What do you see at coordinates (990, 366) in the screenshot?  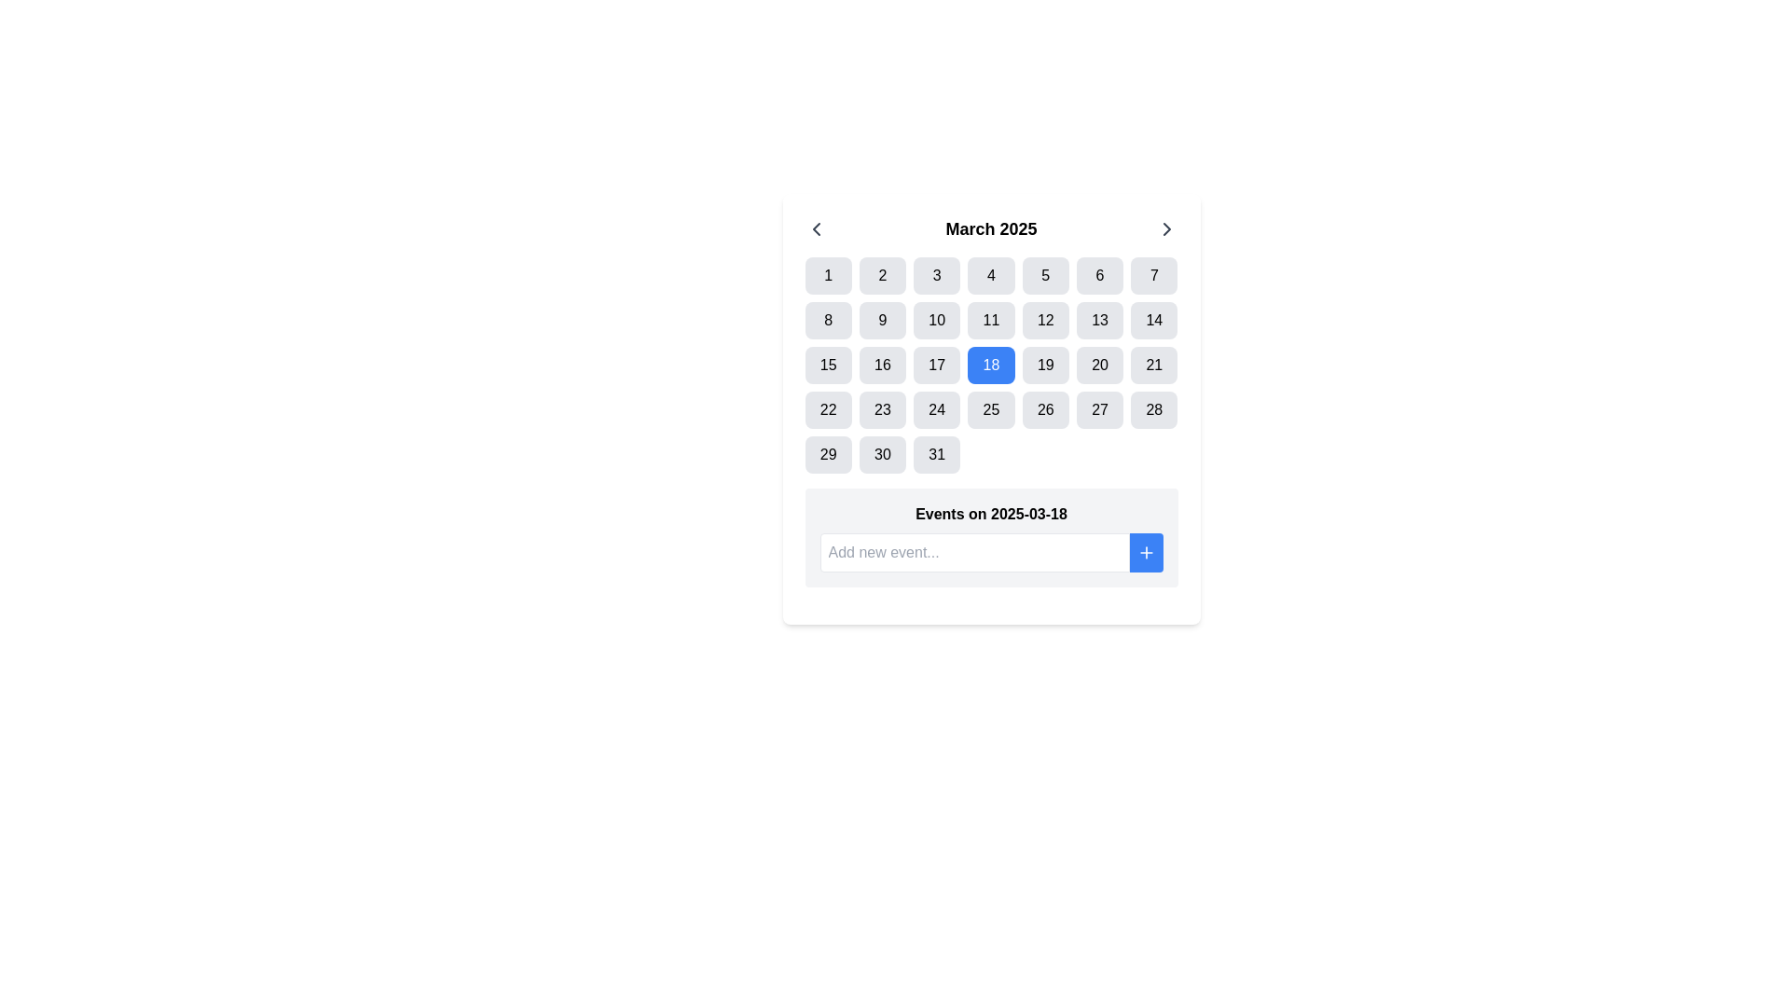 I see `the blue rounded rectangular button labeled '18'` at bounding box center [990, 366].